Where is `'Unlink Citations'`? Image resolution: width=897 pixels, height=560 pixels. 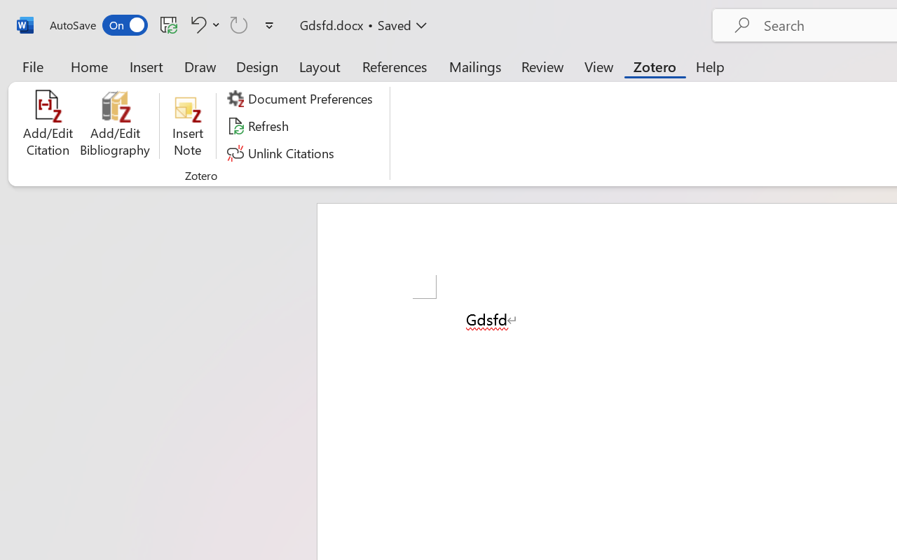
'Unlink Citations' is located at coordinates (282, 153).